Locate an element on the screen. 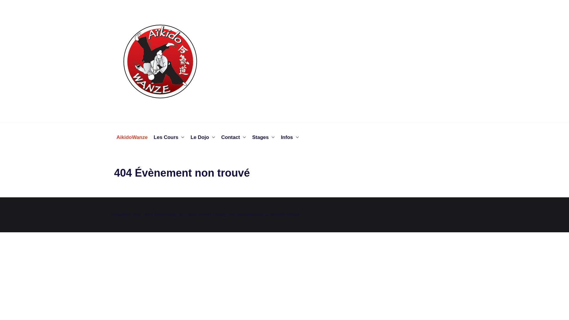 This screenshot has width=569, height=320. 'Stages' is located at coordinates (263, 138).